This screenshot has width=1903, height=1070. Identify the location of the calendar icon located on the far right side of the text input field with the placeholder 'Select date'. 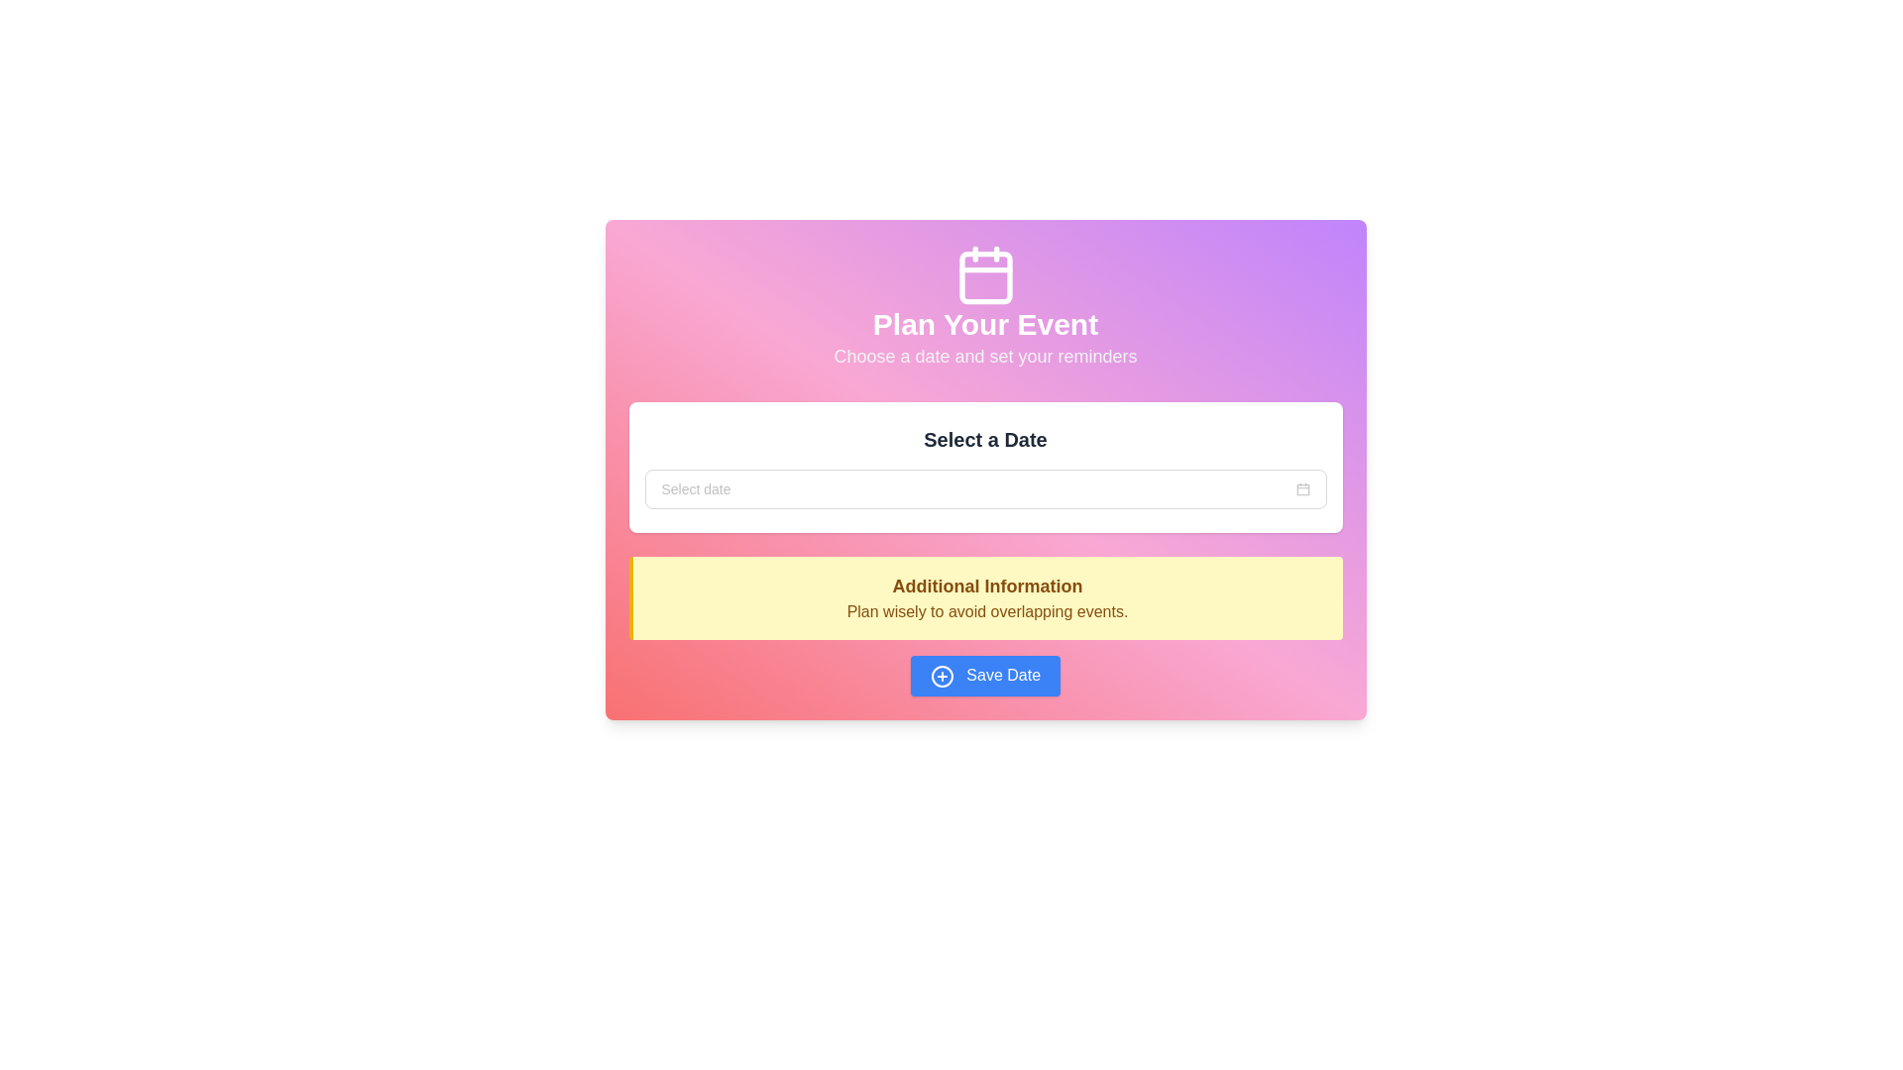
(1302, 488).